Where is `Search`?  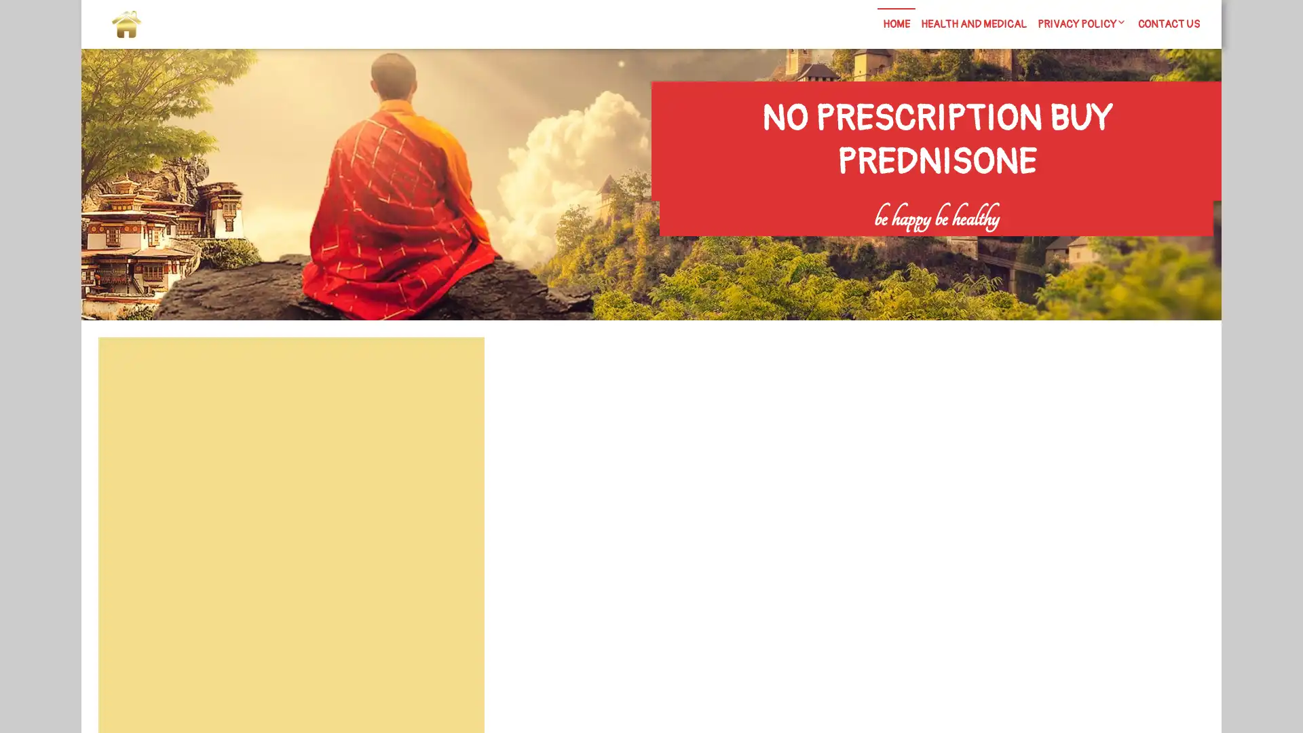 Search is located at coordinates (1057, 245).